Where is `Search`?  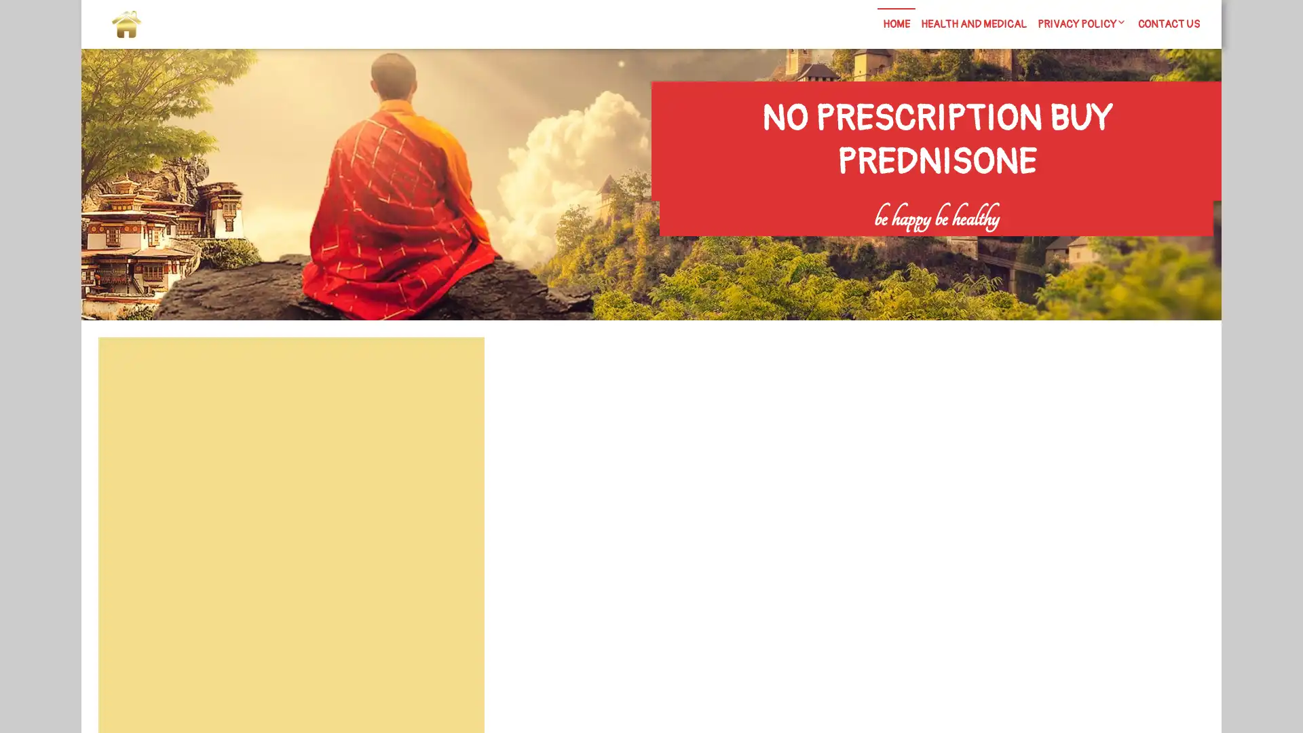 Search is located at coordinates (1057, 245).